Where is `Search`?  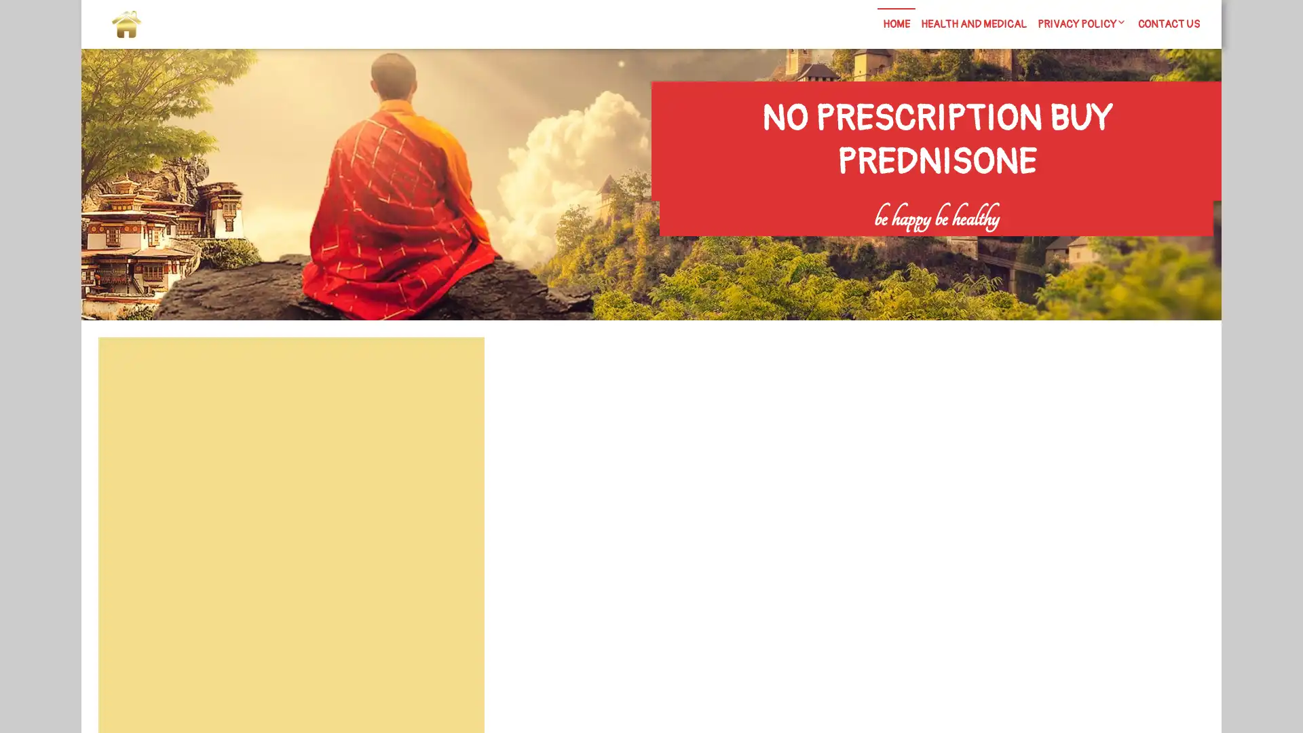 Search is located at coordinates (1057, 245).